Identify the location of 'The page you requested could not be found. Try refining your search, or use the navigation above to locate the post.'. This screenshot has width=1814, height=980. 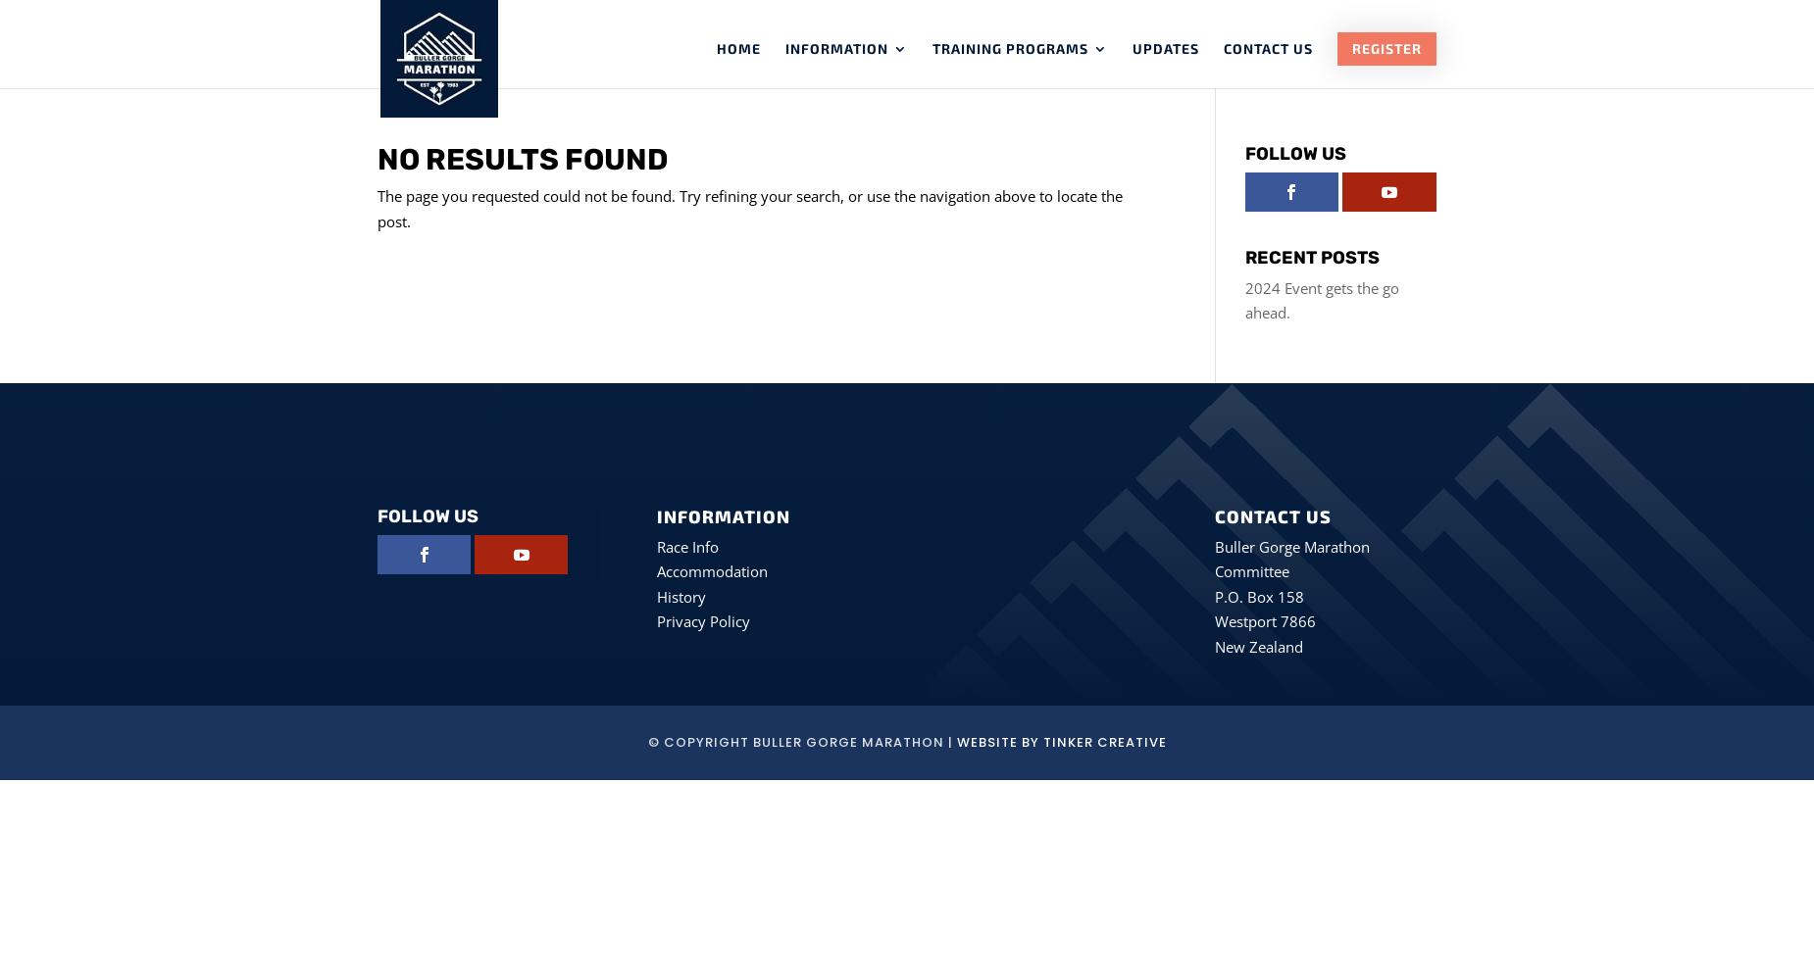
(376, 207).